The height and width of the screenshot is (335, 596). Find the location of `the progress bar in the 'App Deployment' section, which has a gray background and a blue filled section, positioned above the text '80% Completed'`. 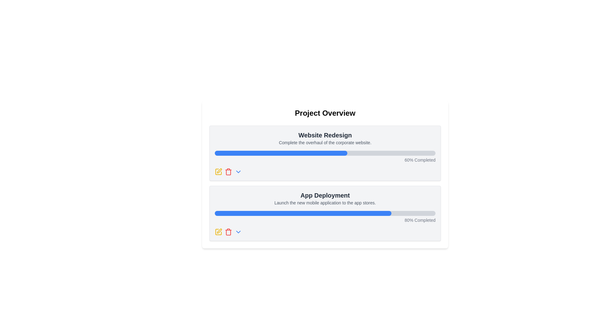

the progress bar in the 'App Deployment' section, which has a gray background and a blue filled section, positioned above the text '80% Completed' is located at coordinates (325, 213).